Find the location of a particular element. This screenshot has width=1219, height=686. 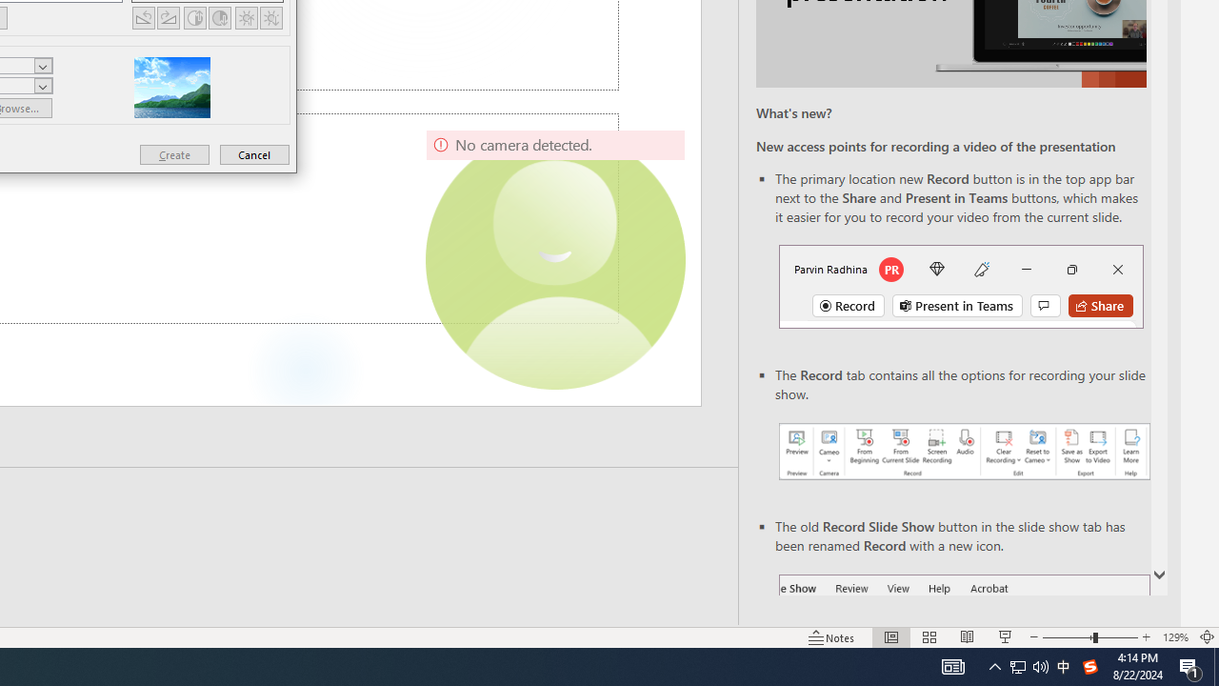

'Show desktop' is located at coordinates (1215, 665).